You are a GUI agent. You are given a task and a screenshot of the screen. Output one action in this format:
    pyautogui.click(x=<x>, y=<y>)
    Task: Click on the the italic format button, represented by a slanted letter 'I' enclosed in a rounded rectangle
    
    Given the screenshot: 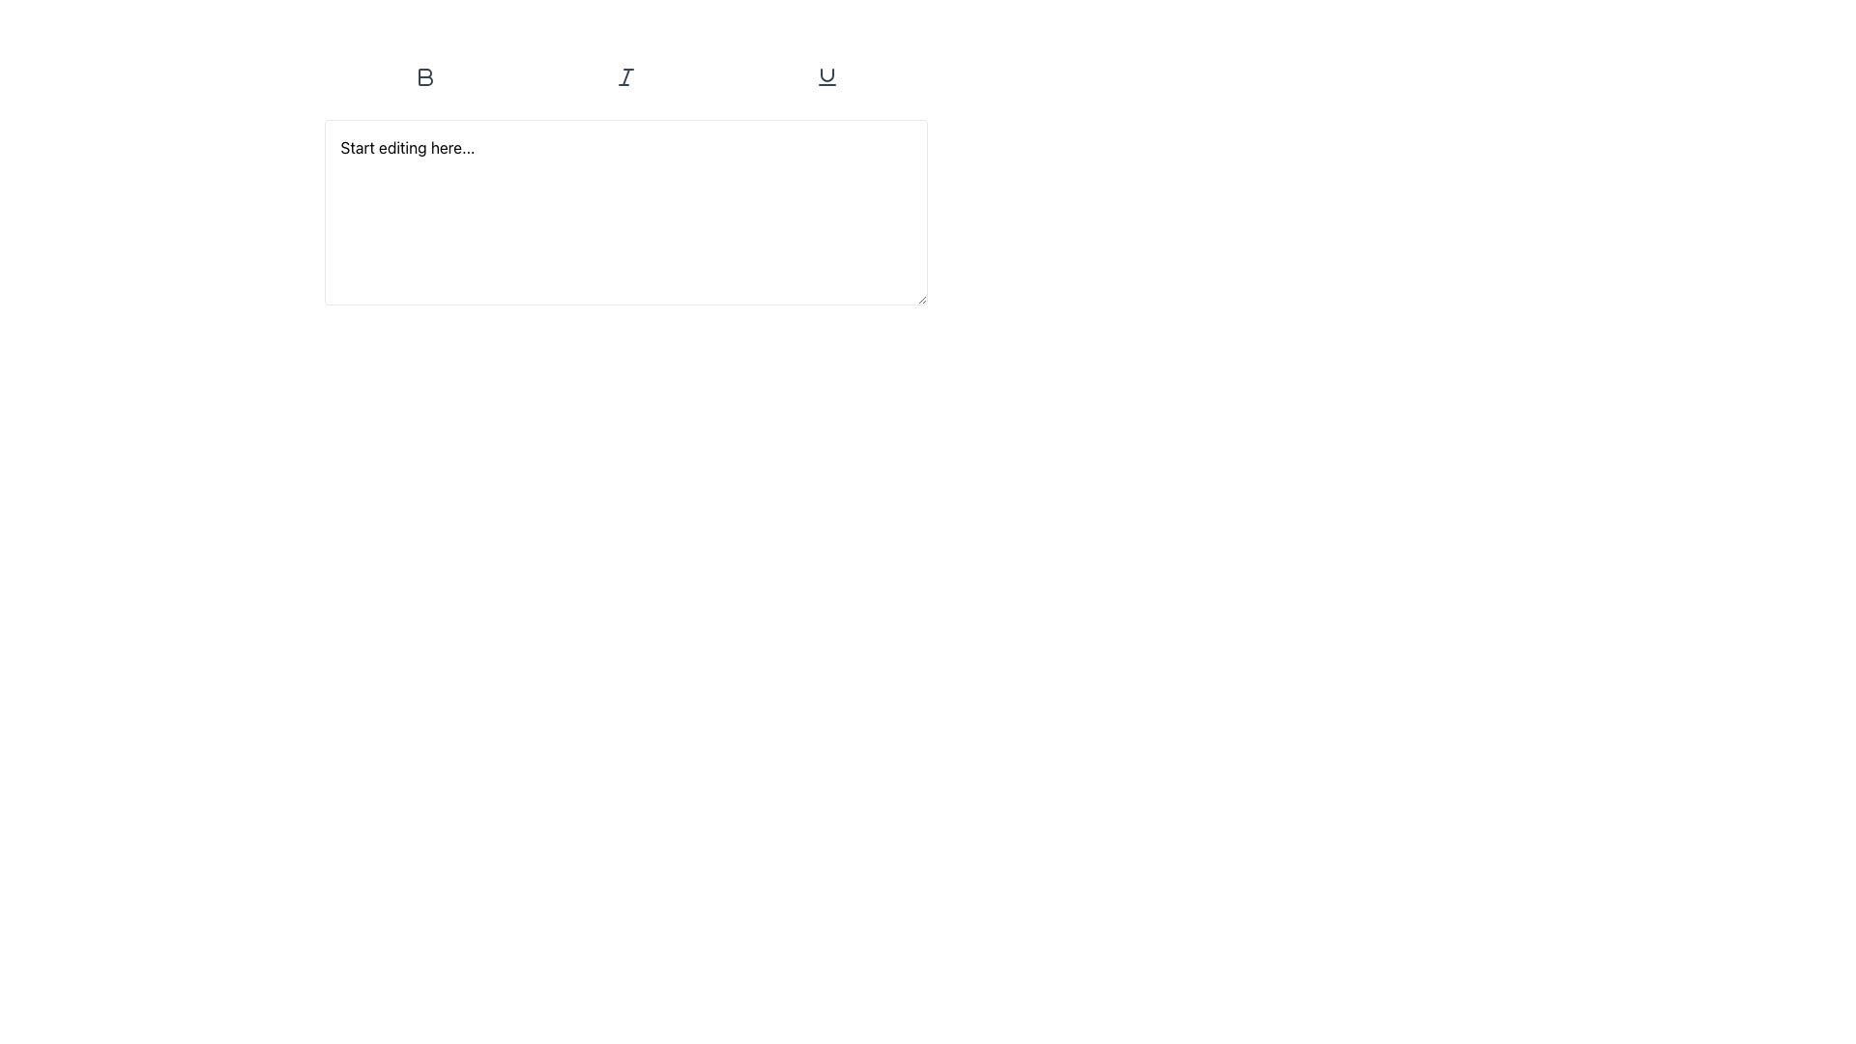 What is the action you would take?
    pyautogui.click(x=625, y=76)
    